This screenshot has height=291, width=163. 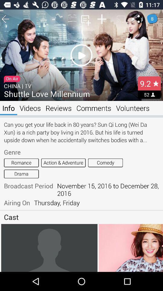 I want to click on item to the right of info item, so click(x=30, y=108).